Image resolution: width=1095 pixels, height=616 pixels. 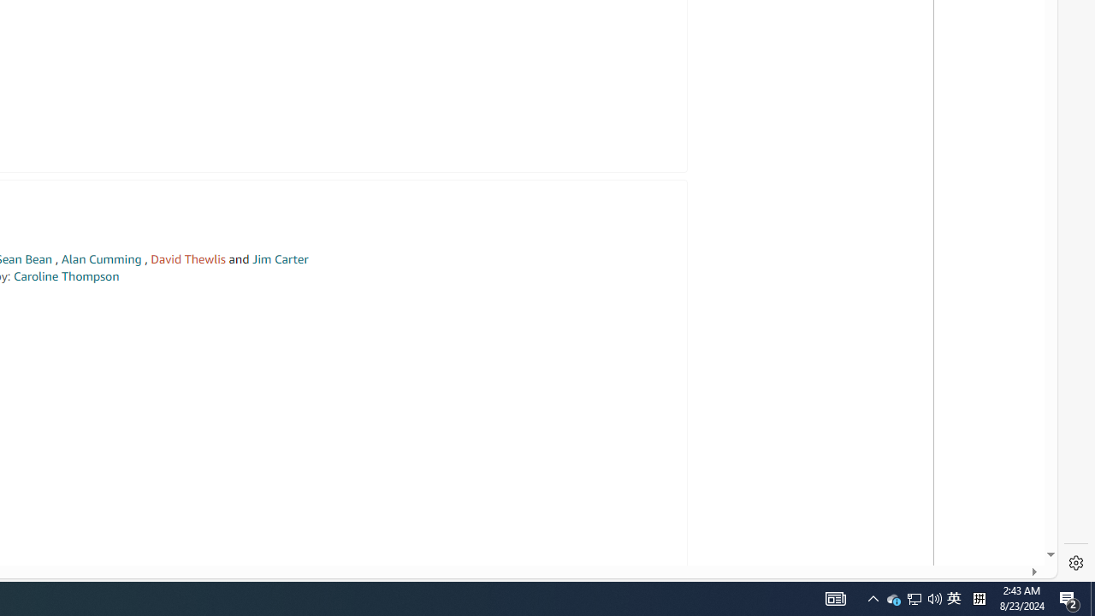 I want to click on 'David Thewlis', so click(x=188, y=259).